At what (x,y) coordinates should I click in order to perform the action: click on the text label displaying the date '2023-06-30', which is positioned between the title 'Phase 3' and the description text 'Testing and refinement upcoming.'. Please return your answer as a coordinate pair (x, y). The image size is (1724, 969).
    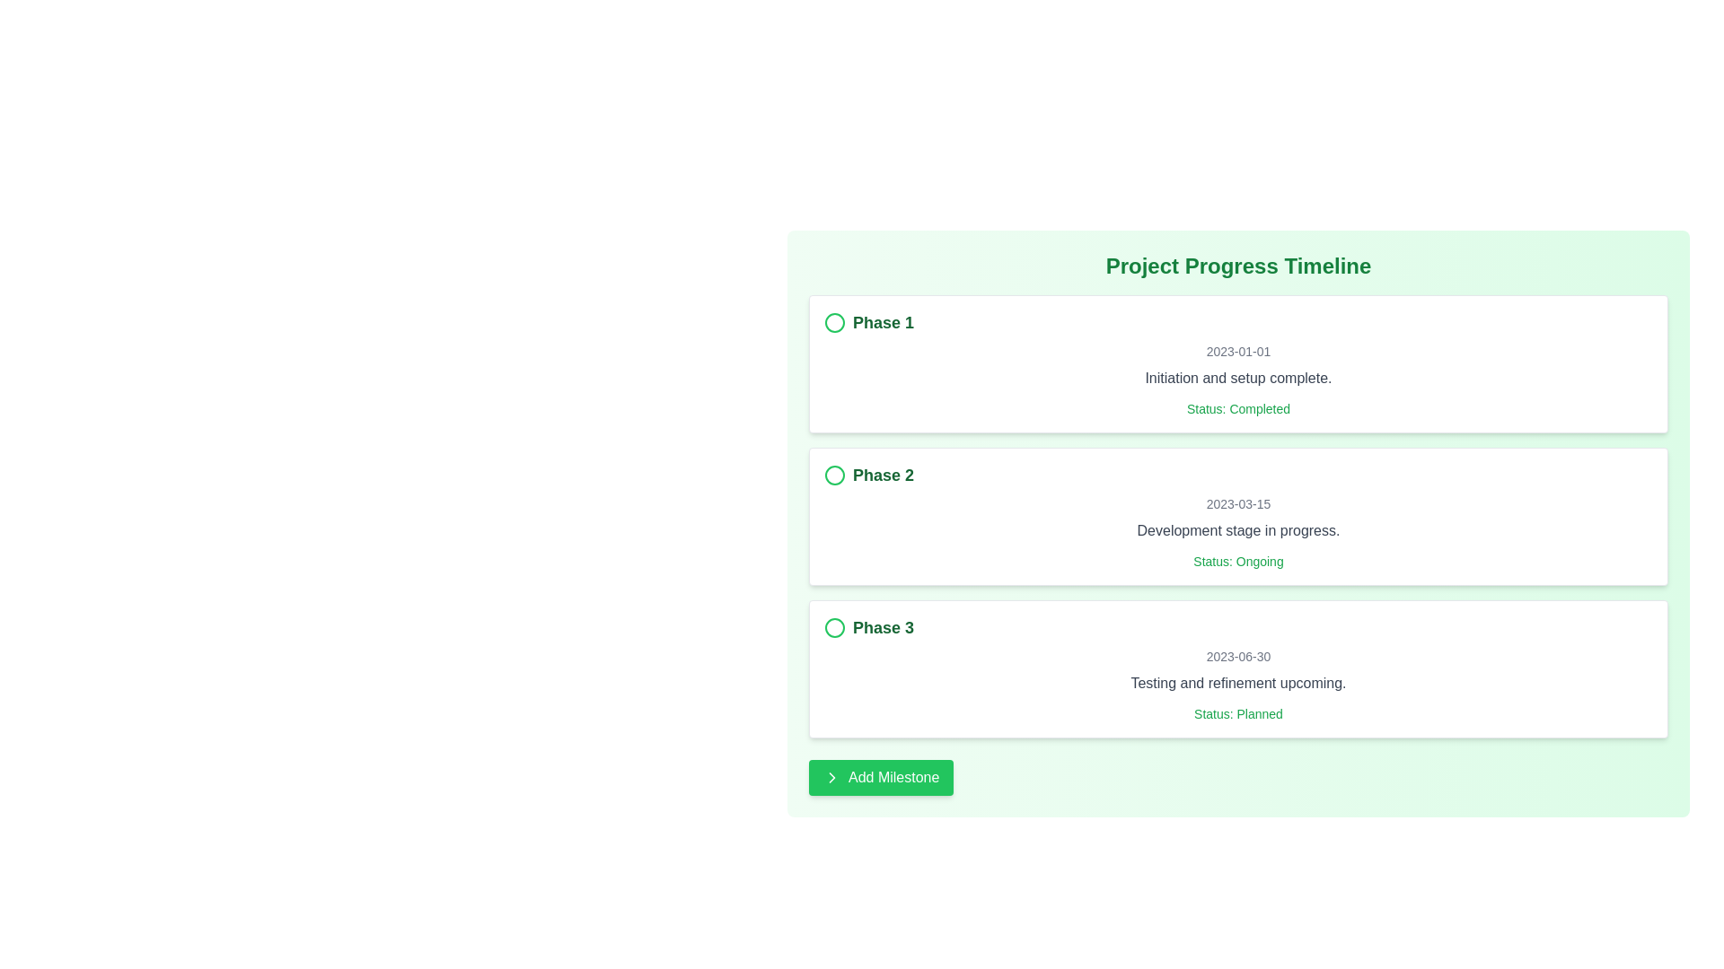
    Looking at the image, I should click on (1237, 657).